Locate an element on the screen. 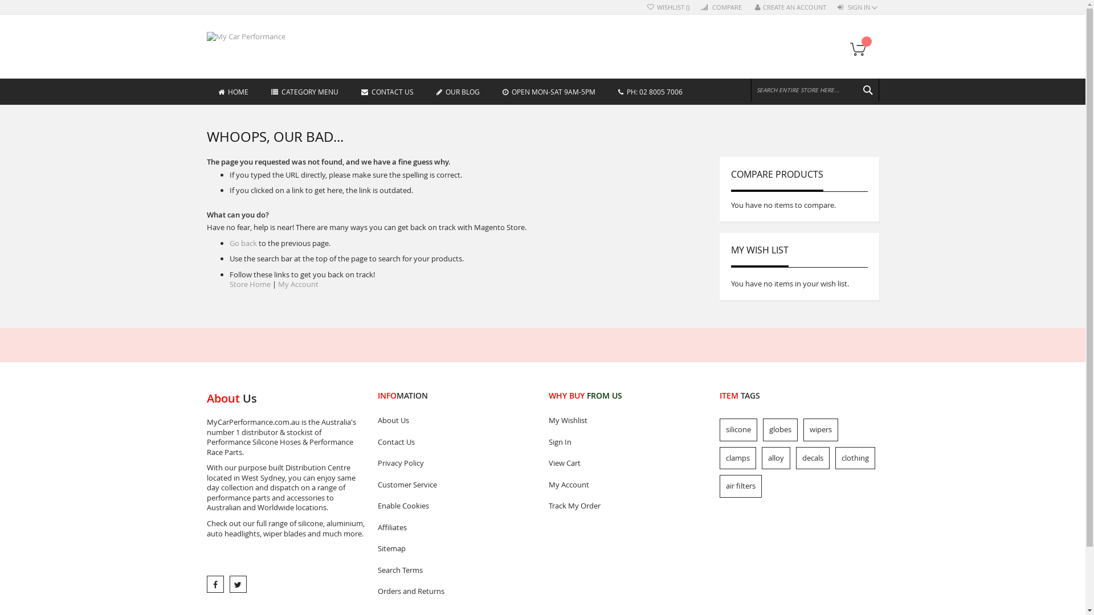  'twitter.com/mycarperformanc' is located at coordinates (237, 584).